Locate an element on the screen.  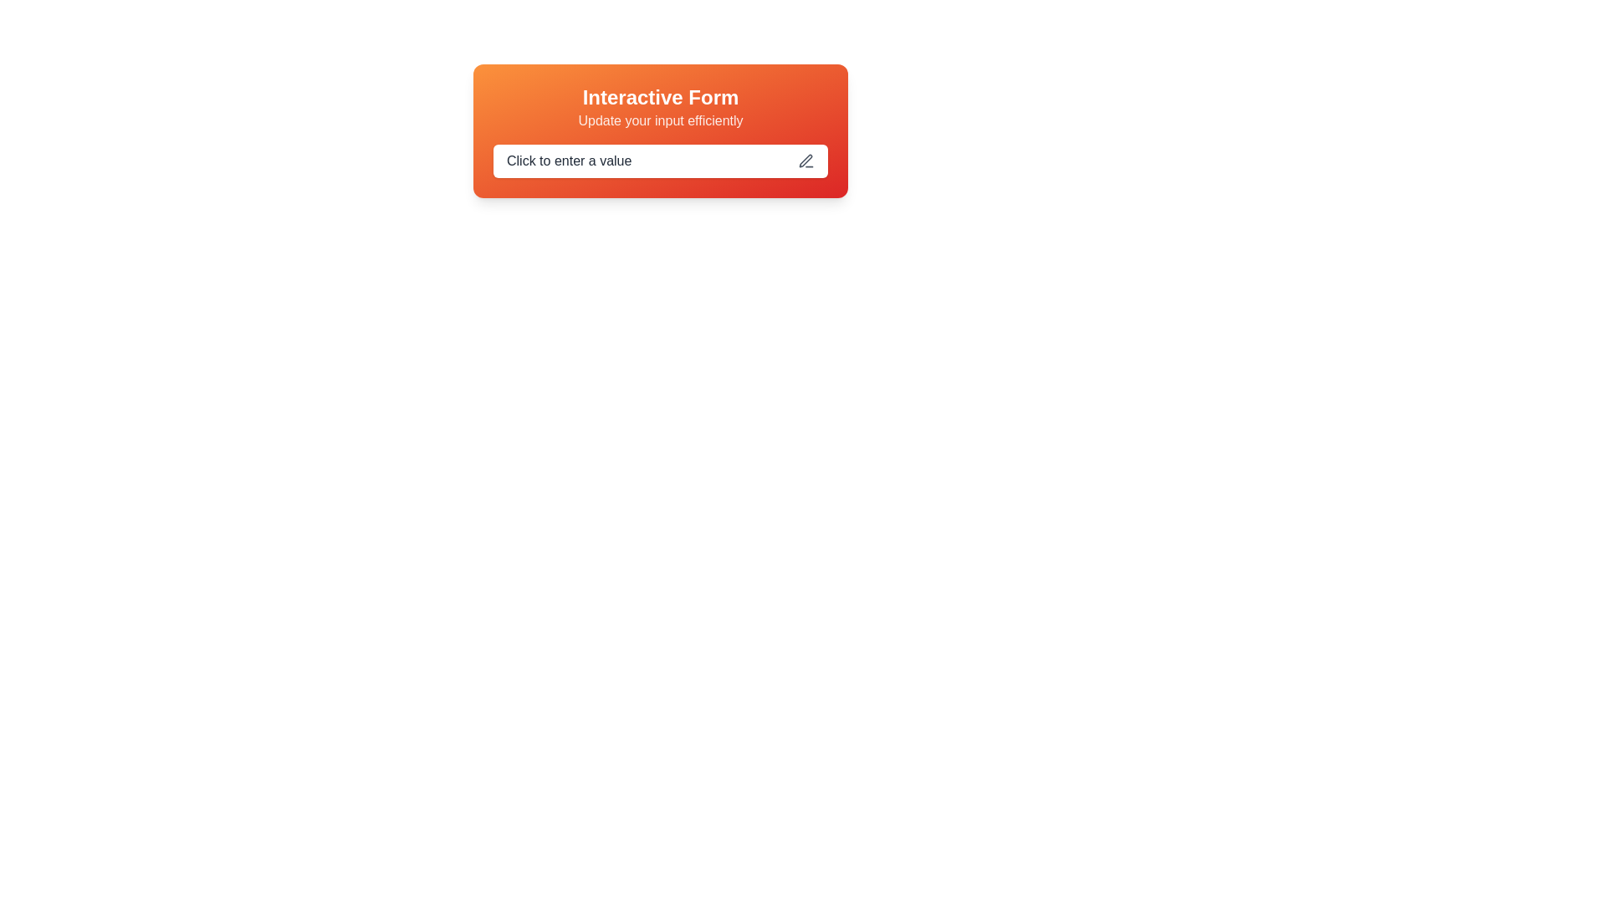
the pen-shaped icon located at the right edge of the white rectangular box labeled 'Click to enter a value' is located at coordinates (806, 161).